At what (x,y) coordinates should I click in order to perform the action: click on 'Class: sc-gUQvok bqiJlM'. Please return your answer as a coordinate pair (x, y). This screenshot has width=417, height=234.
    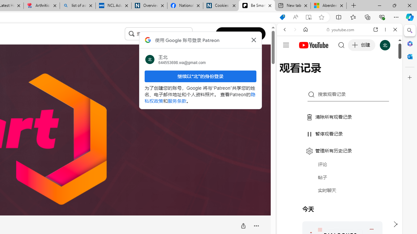
    Looking at the image, I should click on (190, 34).